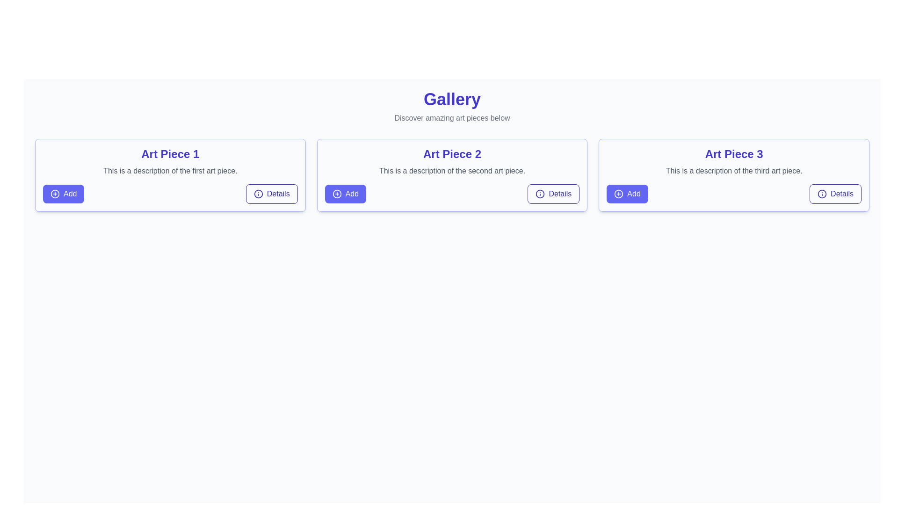 This screenshot has height=505, width=898. What do you see at coordinates (55, 194) in the screenshot?
I see `the addition icon represented by an SVG within the 'Add' button located in the lower left corner of the 'Art Piece 1' card` at bounding box center [55, 194].